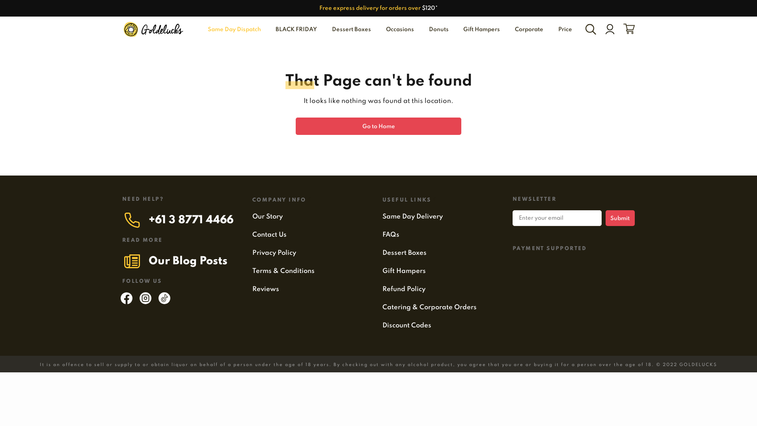  I want to click on 'Discount Codes', so click(407, 325).